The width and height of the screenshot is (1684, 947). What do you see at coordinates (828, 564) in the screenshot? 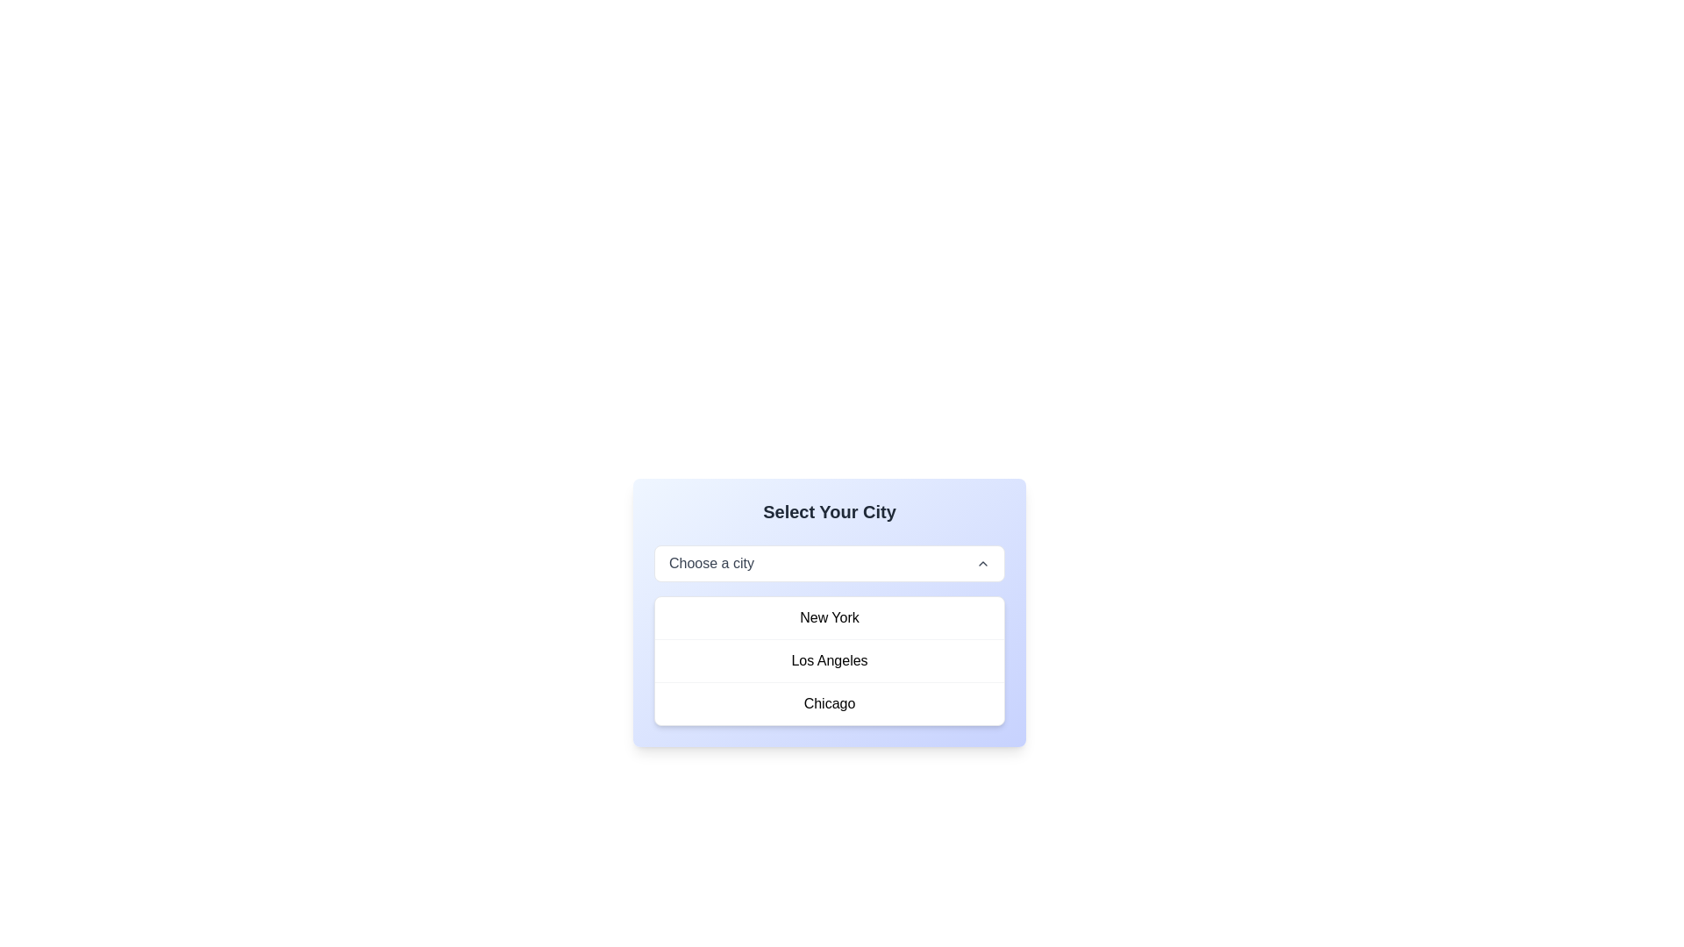
I see `the dropdown button located in the dialog box titled 'Select Your City'` at bounding box center [828, 564].